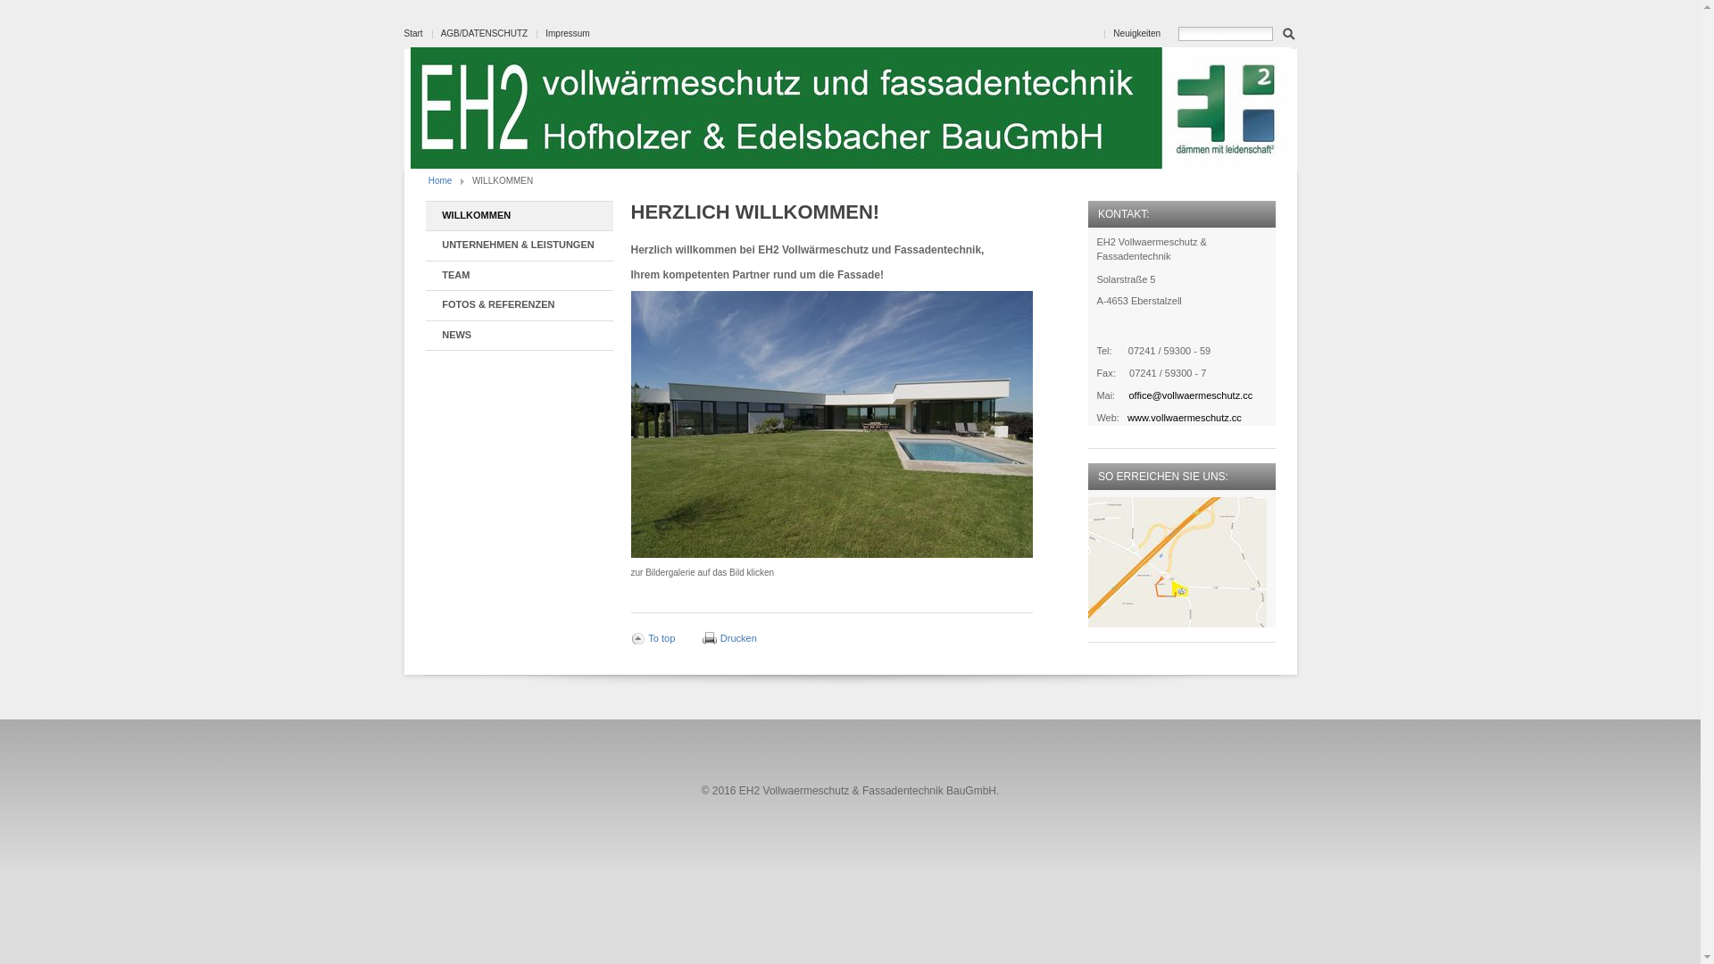  What do you see at coordinates (566, 33) in the screenshot?
I see `'Impressum'` at bounding box center [566, 33].